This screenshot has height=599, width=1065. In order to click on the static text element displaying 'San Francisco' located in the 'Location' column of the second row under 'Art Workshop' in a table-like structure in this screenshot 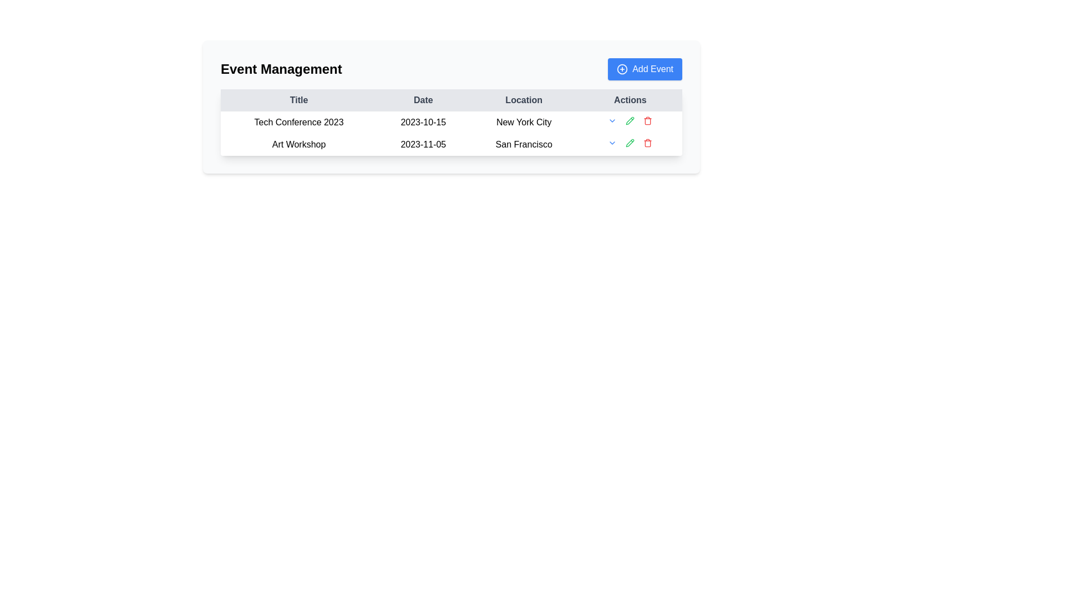, I will do `click(523, 144)`.